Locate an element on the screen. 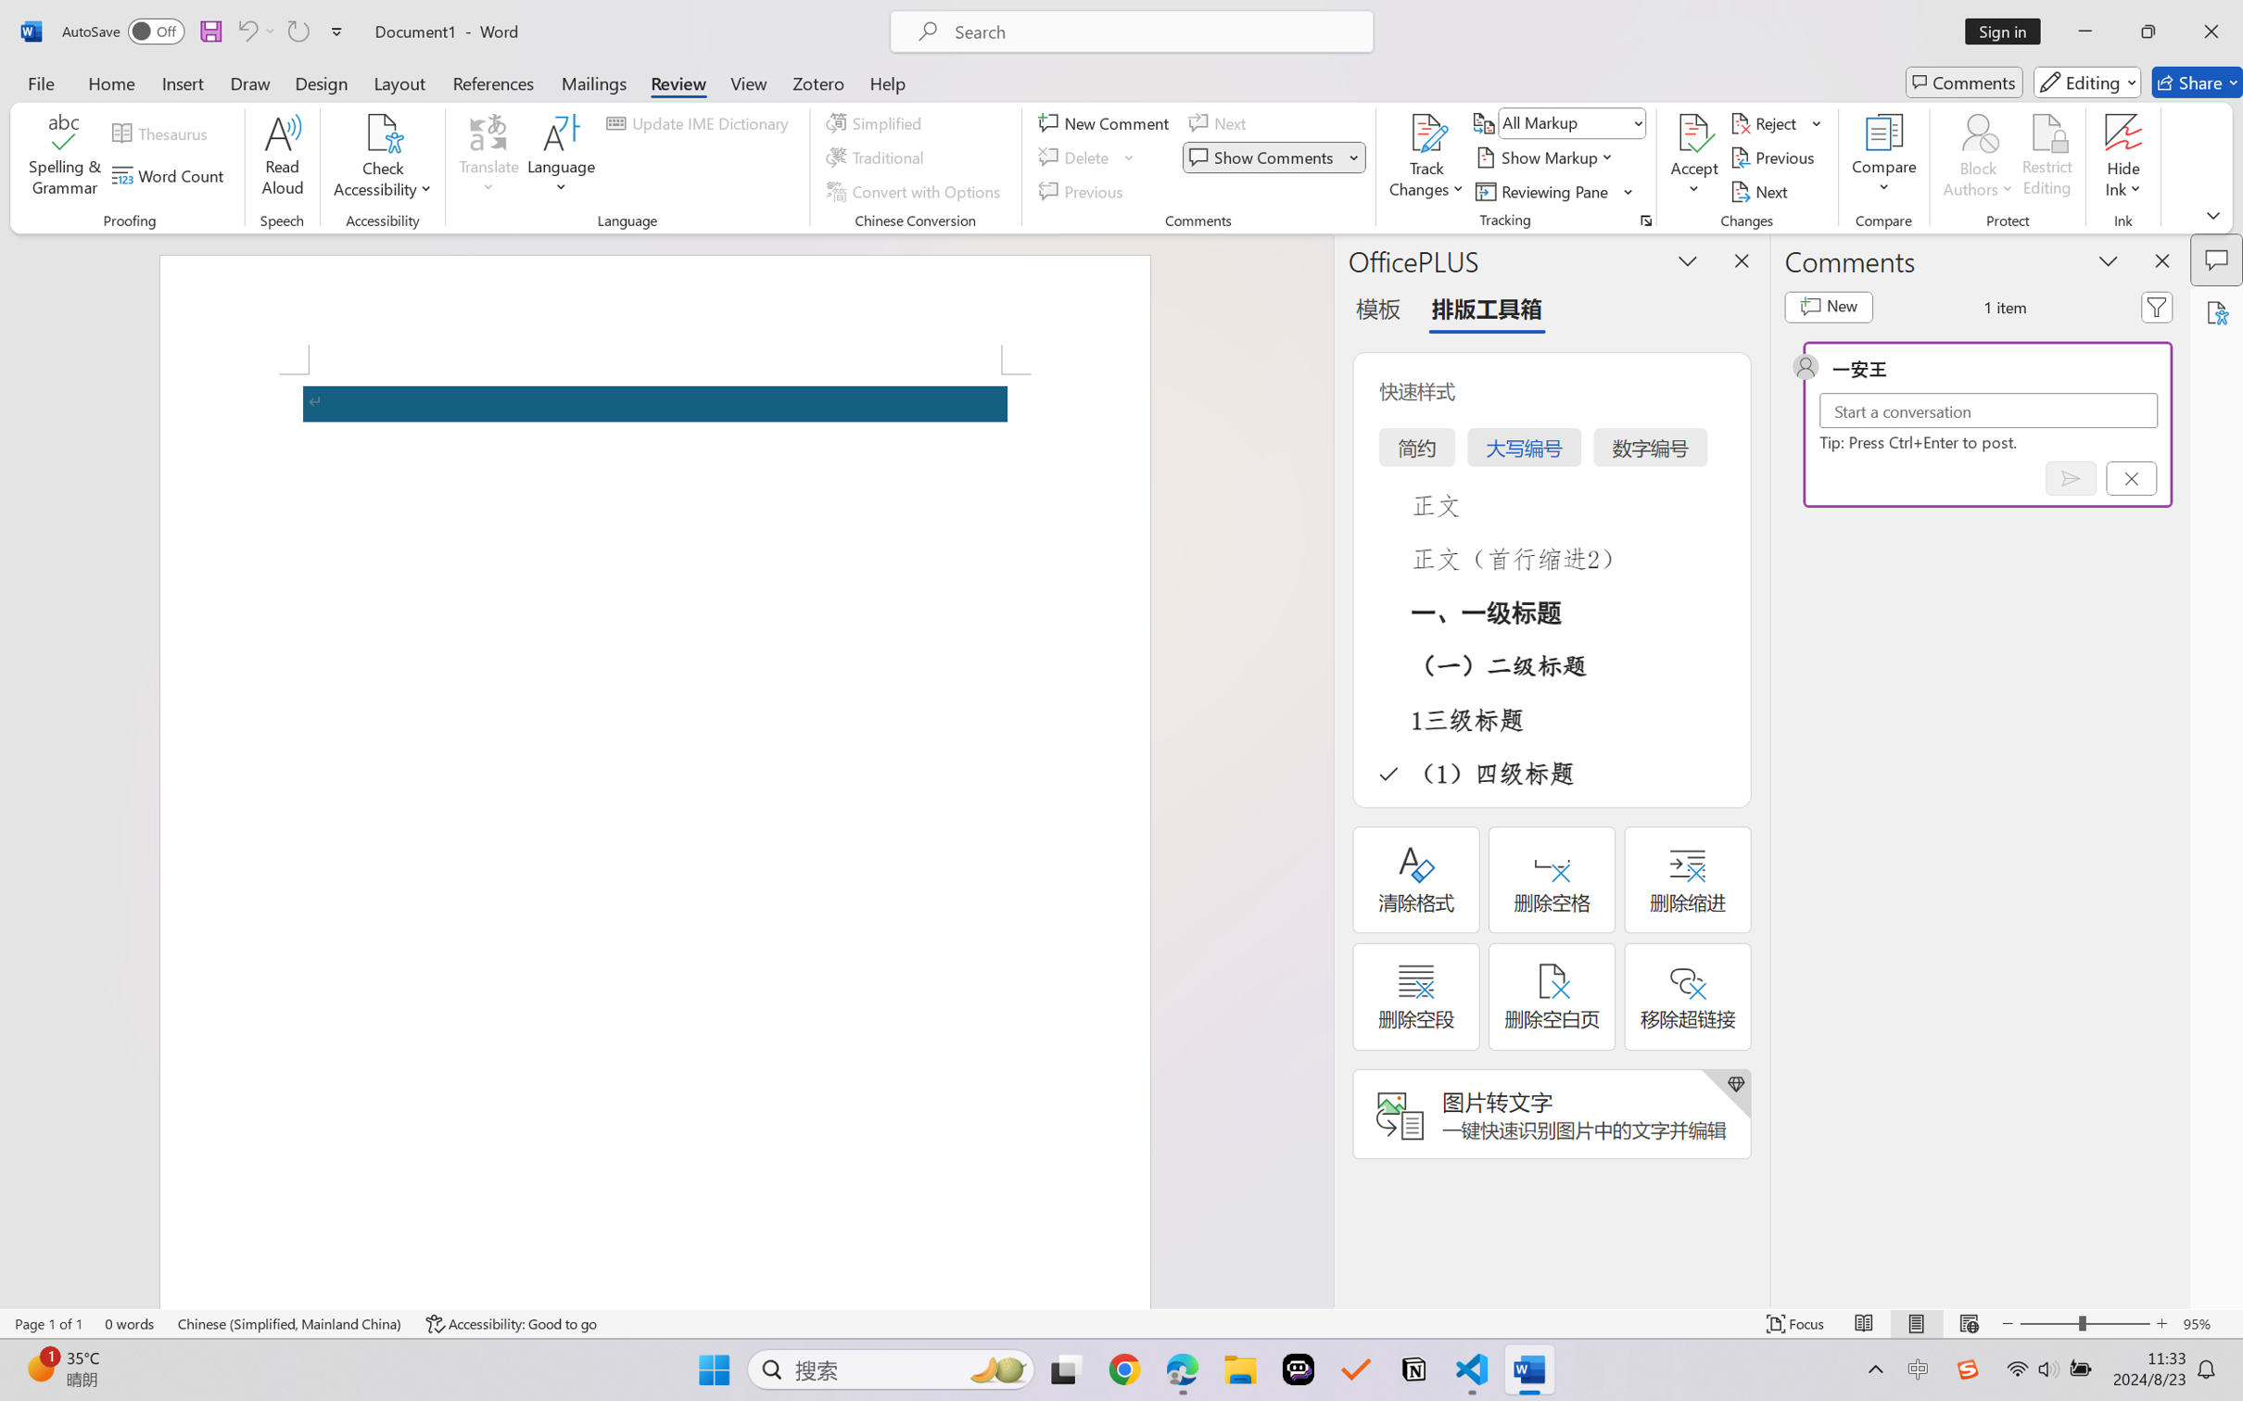 Image resolution: width=2243 pixels, height=1401 pixels. 'Check Accessibility' is located at coordinates (382, 158).